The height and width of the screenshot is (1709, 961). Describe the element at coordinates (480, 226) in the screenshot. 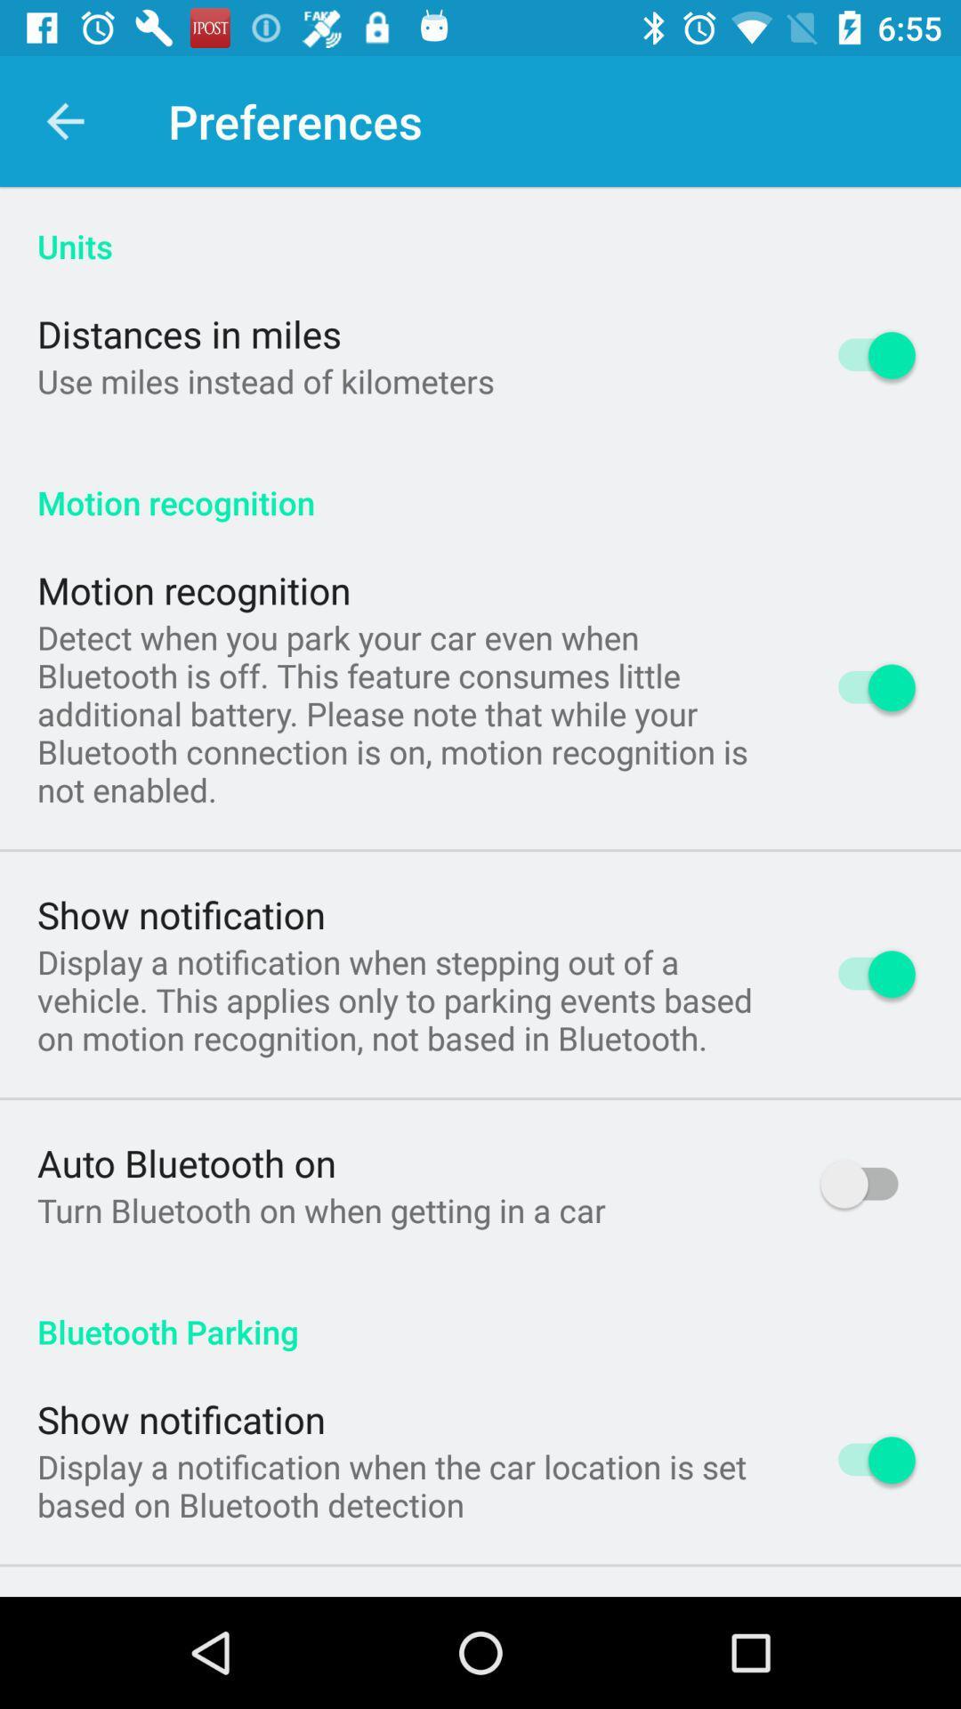

I see `the units item` at that location.